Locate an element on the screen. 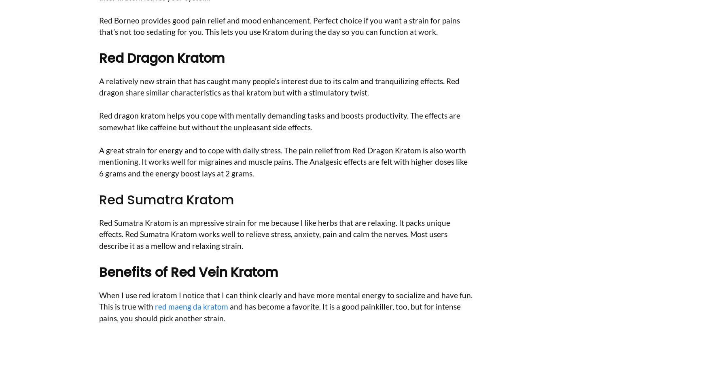 This screenshot has height=384, width=708. 'red maeng da kratom' is located at coordinates (155, 306).